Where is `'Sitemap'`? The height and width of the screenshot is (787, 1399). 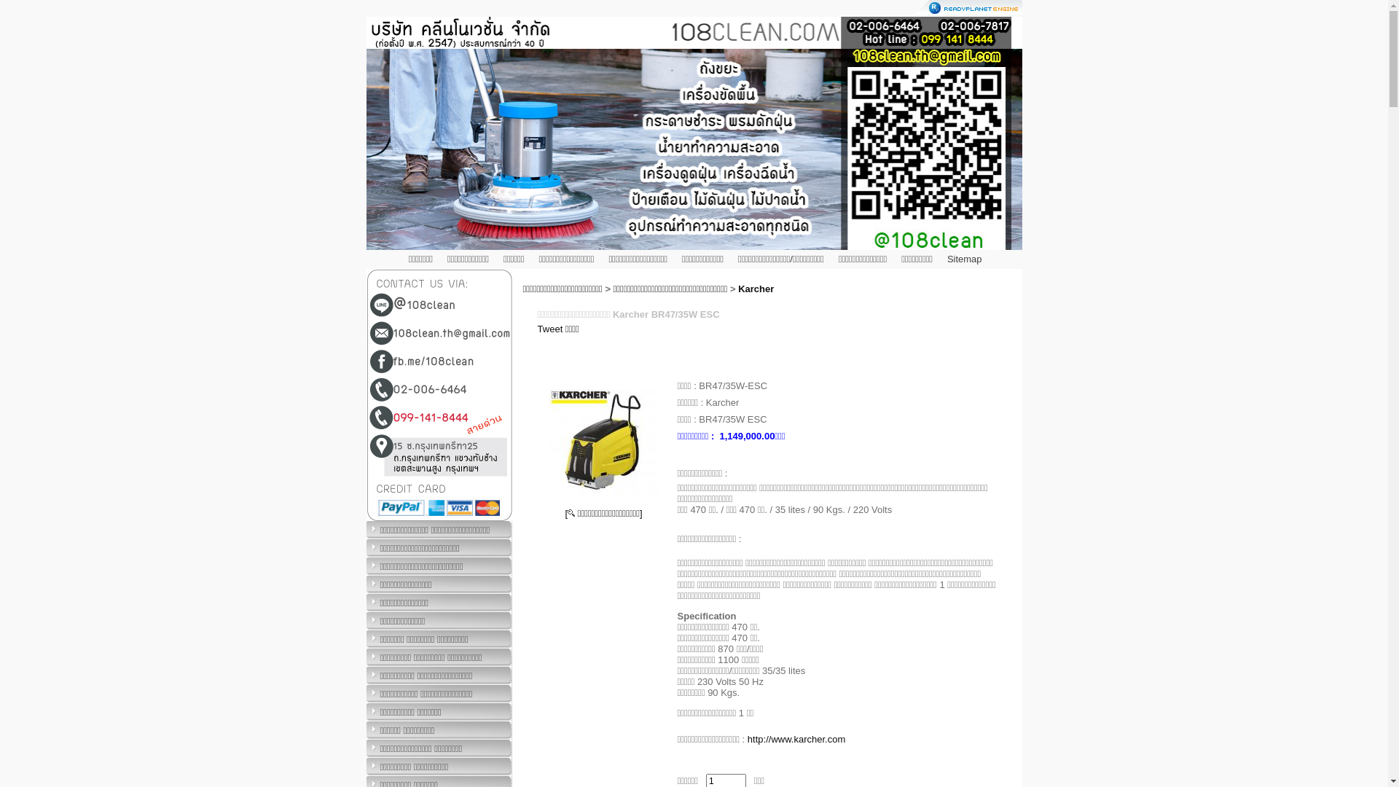 'Sitemap' is located at coordinates (965, 258).